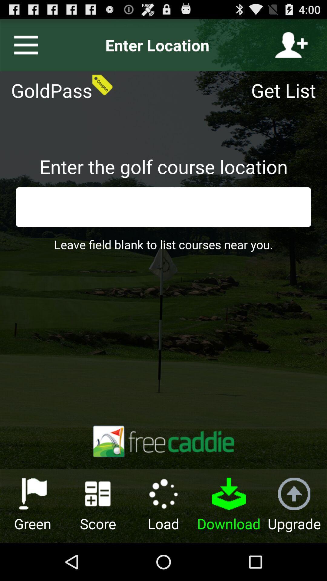 This screenshot has height=581, width=327. I want to click on show the menu, so click(23, 45).